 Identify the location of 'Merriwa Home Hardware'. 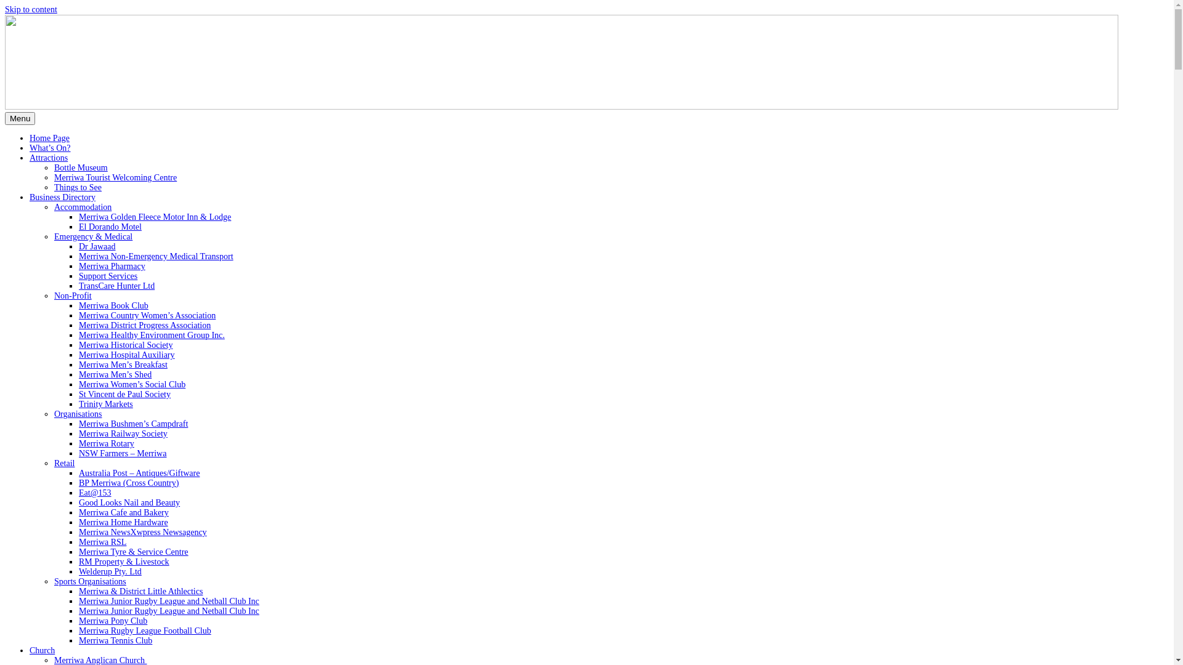
(78, 522).